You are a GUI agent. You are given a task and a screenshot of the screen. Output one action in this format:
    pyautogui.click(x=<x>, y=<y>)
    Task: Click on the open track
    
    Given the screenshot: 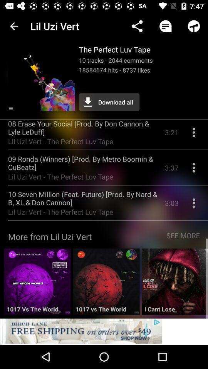 What is the action you would take?
    pyautogui.click(x=175, y=284)
    